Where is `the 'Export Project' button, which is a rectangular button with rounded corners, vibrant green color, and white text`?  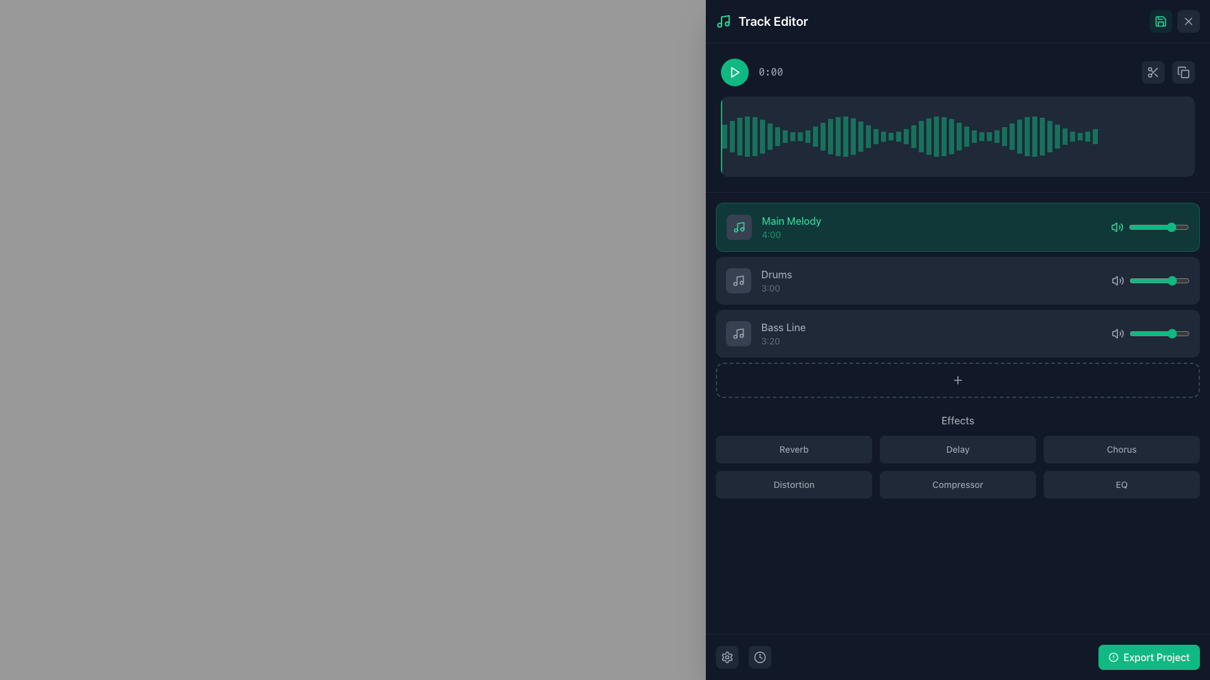 the 'Export Project' button, which is a rectangular button with rounded corners, vibrant green color, and white text is located at coordinates (1149, 657).